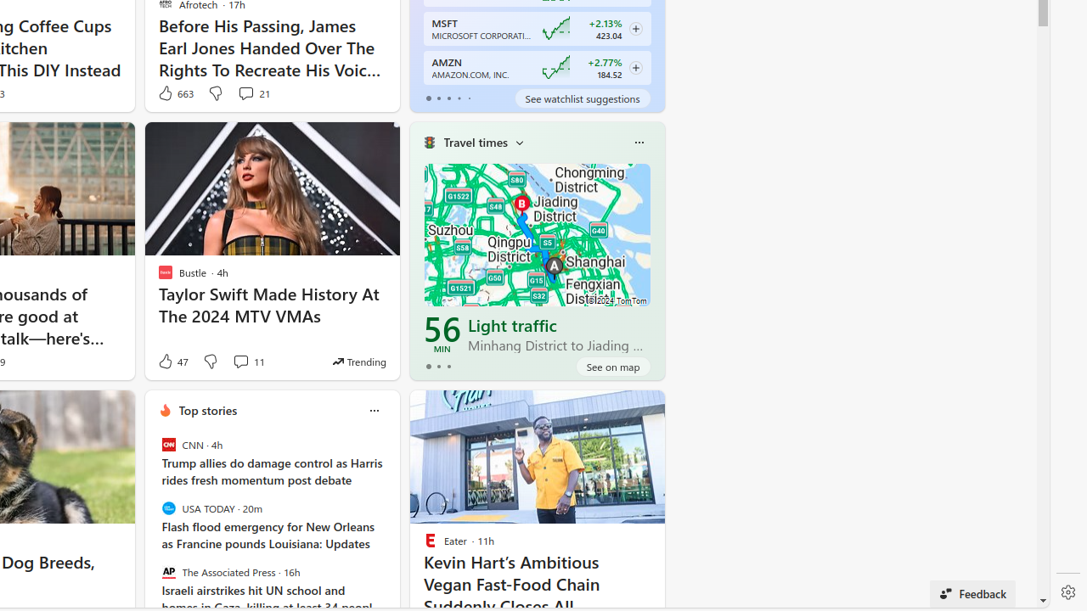  I want to click on 'USA TODAY USA TODAY 20 minutes Flash flood emergency for New Orleans as Francine pounds Louisiana: Updates', so click(272, 524).